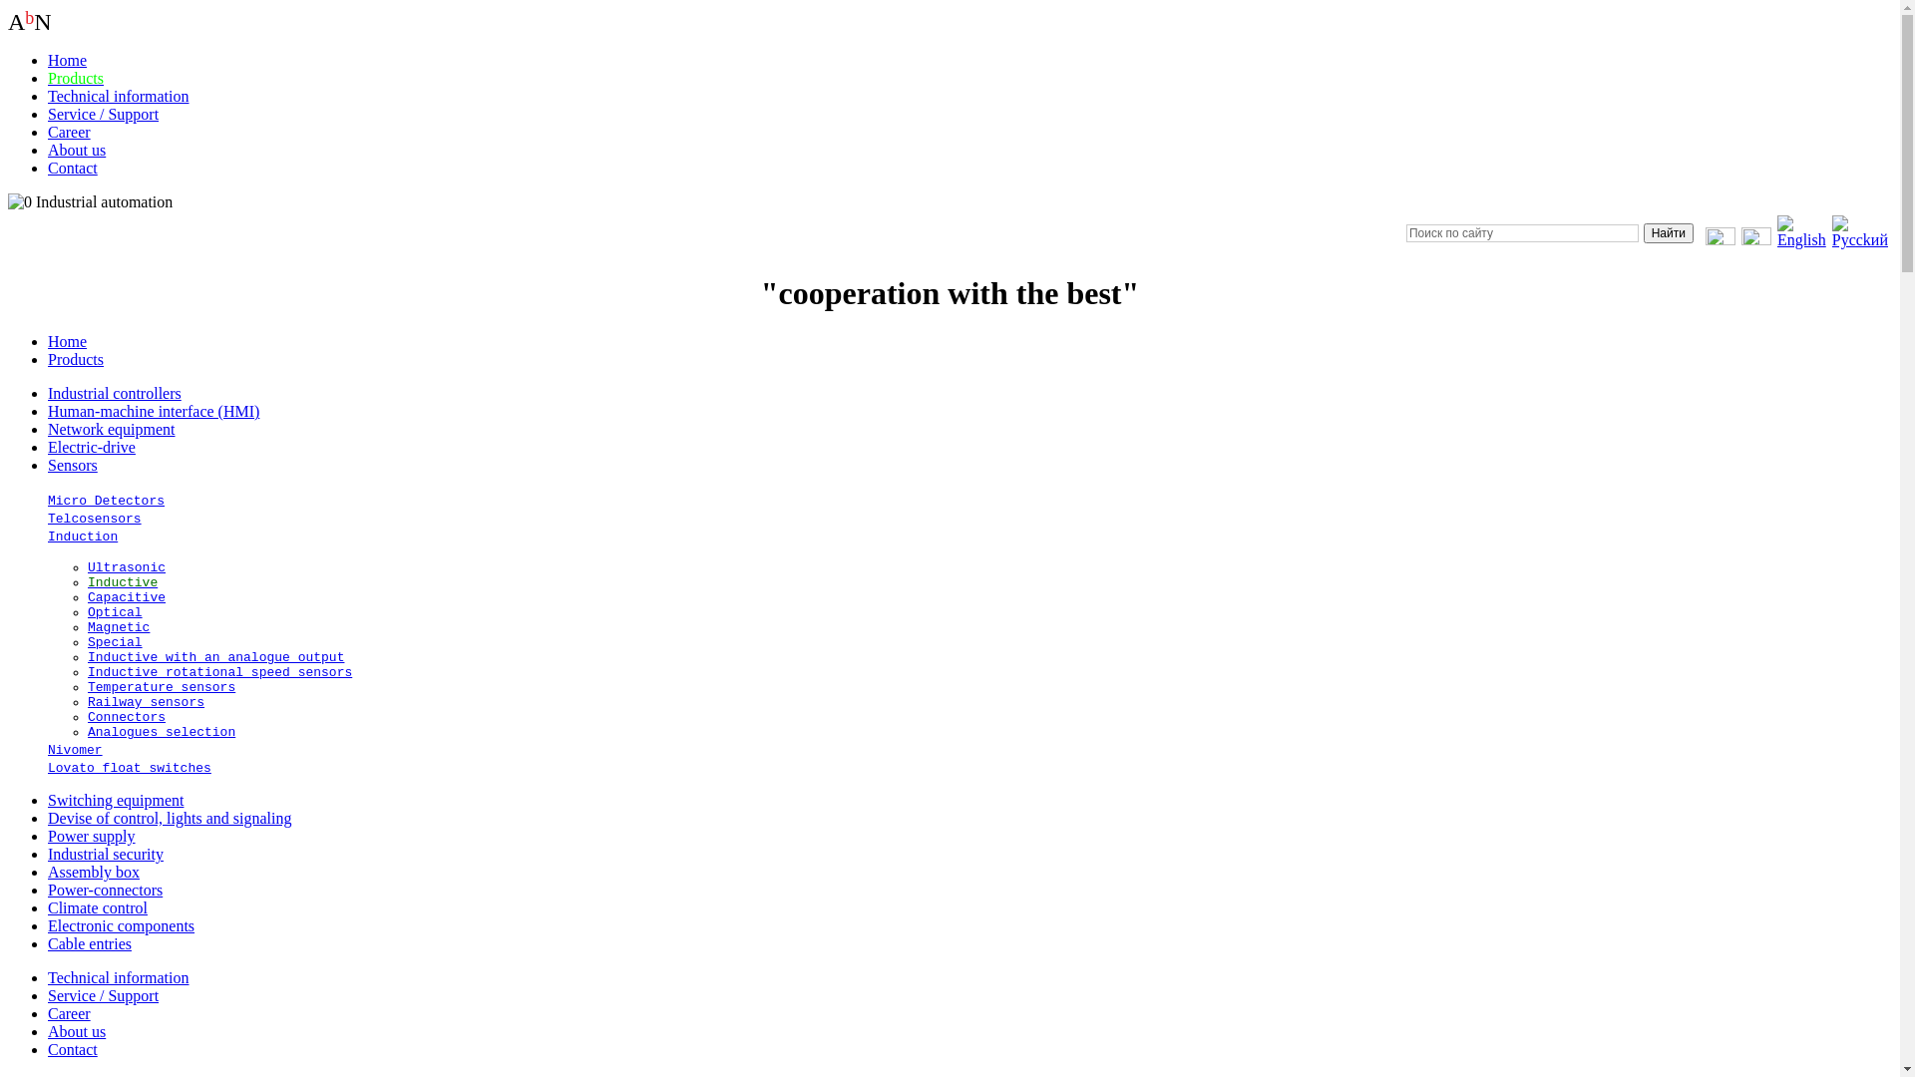 This screenshot has width=1915, height=1077. What do you see at coordinates (72, 1048) in the screenshot?
I see `'Contact'` at bounding box center [72, 1048].